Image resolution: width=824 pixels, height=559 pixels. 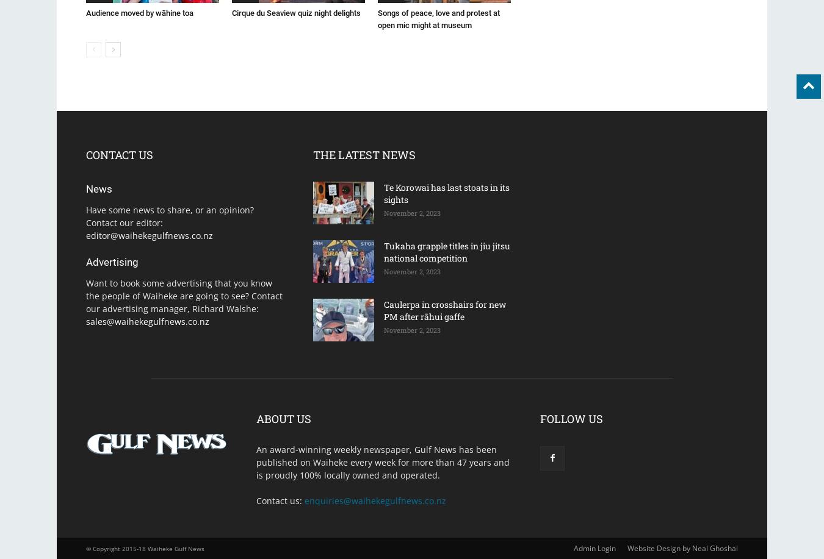 What do you see at coordinates (438, 19) in the screenshot?
I see `'Songs of peace, love and protest  at open mic might at museum'` at bounding box center [438, 19].